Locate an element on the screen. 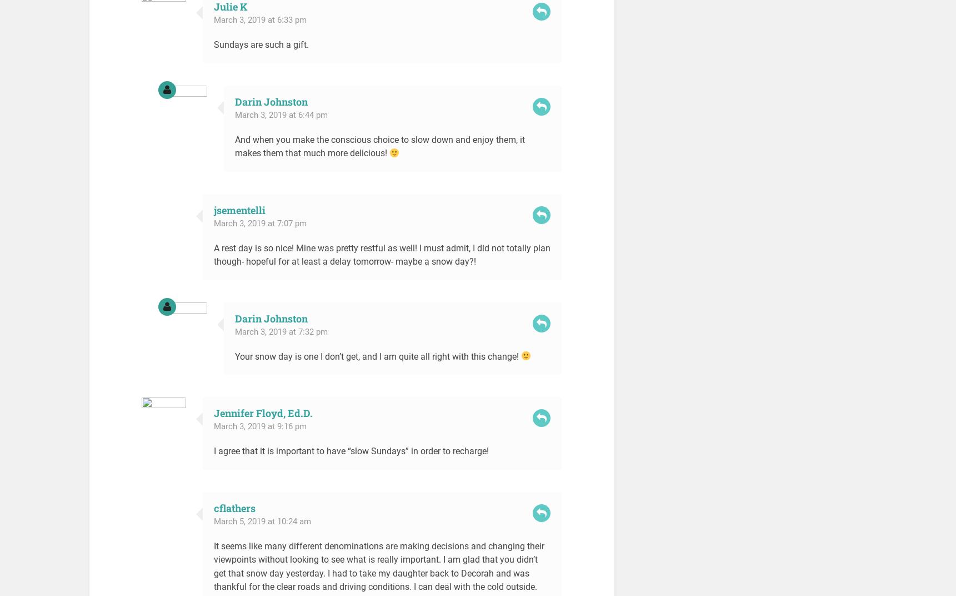 The width and height of the screenshot is (956, 596). 'jsementelli' is located at coordinates (239, 210).